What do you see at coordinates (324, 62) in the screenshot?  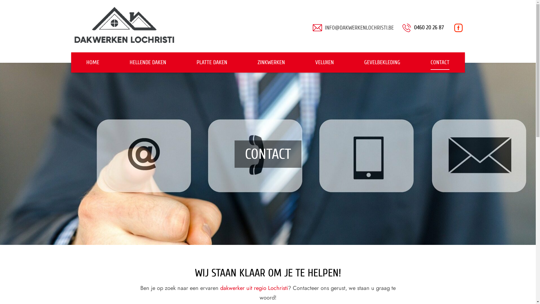 I see `'VELUXEN'` at bounding box center [324, 62].